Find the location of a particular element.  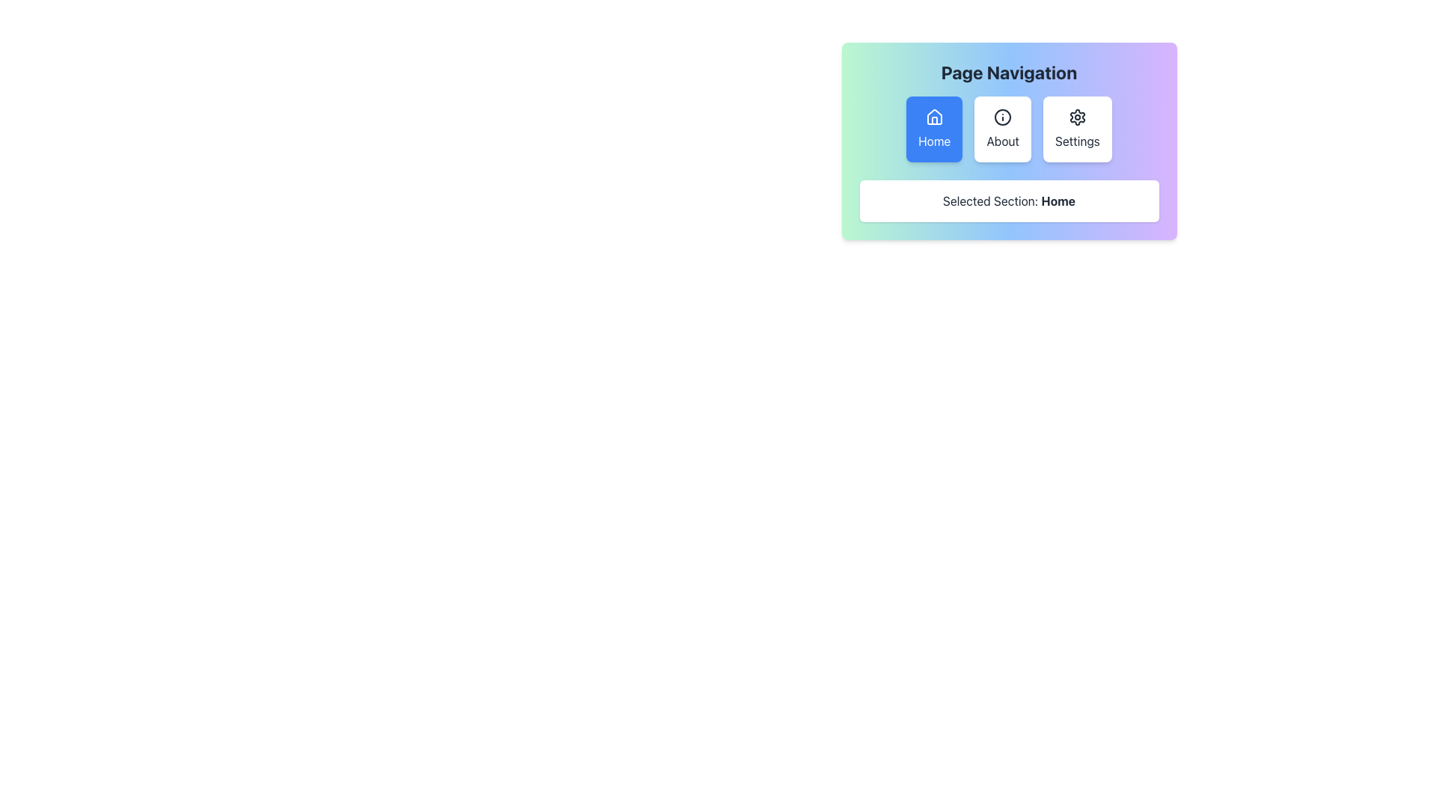

text label displaying 'Settings', located at the bottom of the settings button within the navigation bar, positioned to the far right of three horizontally aligned buttons is located at coordinates (1076, 141).